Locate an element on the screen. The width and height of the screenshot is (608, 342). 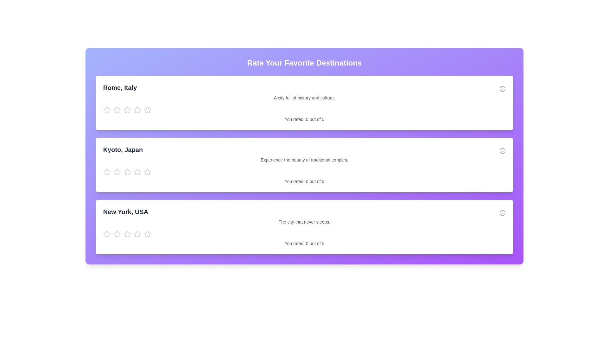
the third interactive star icon in the rating component under the 'Rome, Italy' block to assign a rating is located at coordinates (117, 110).